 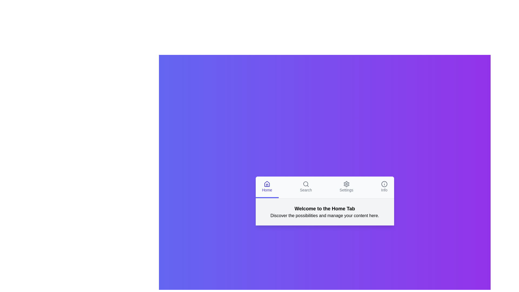 What do you see at coordinates (267, 190) in the screenshot?
I see `the 'Home' text label, which is styled in medium-sized blue font and positioned below a house icon in the bottom navigation menu` at bounding box center [267, 190].